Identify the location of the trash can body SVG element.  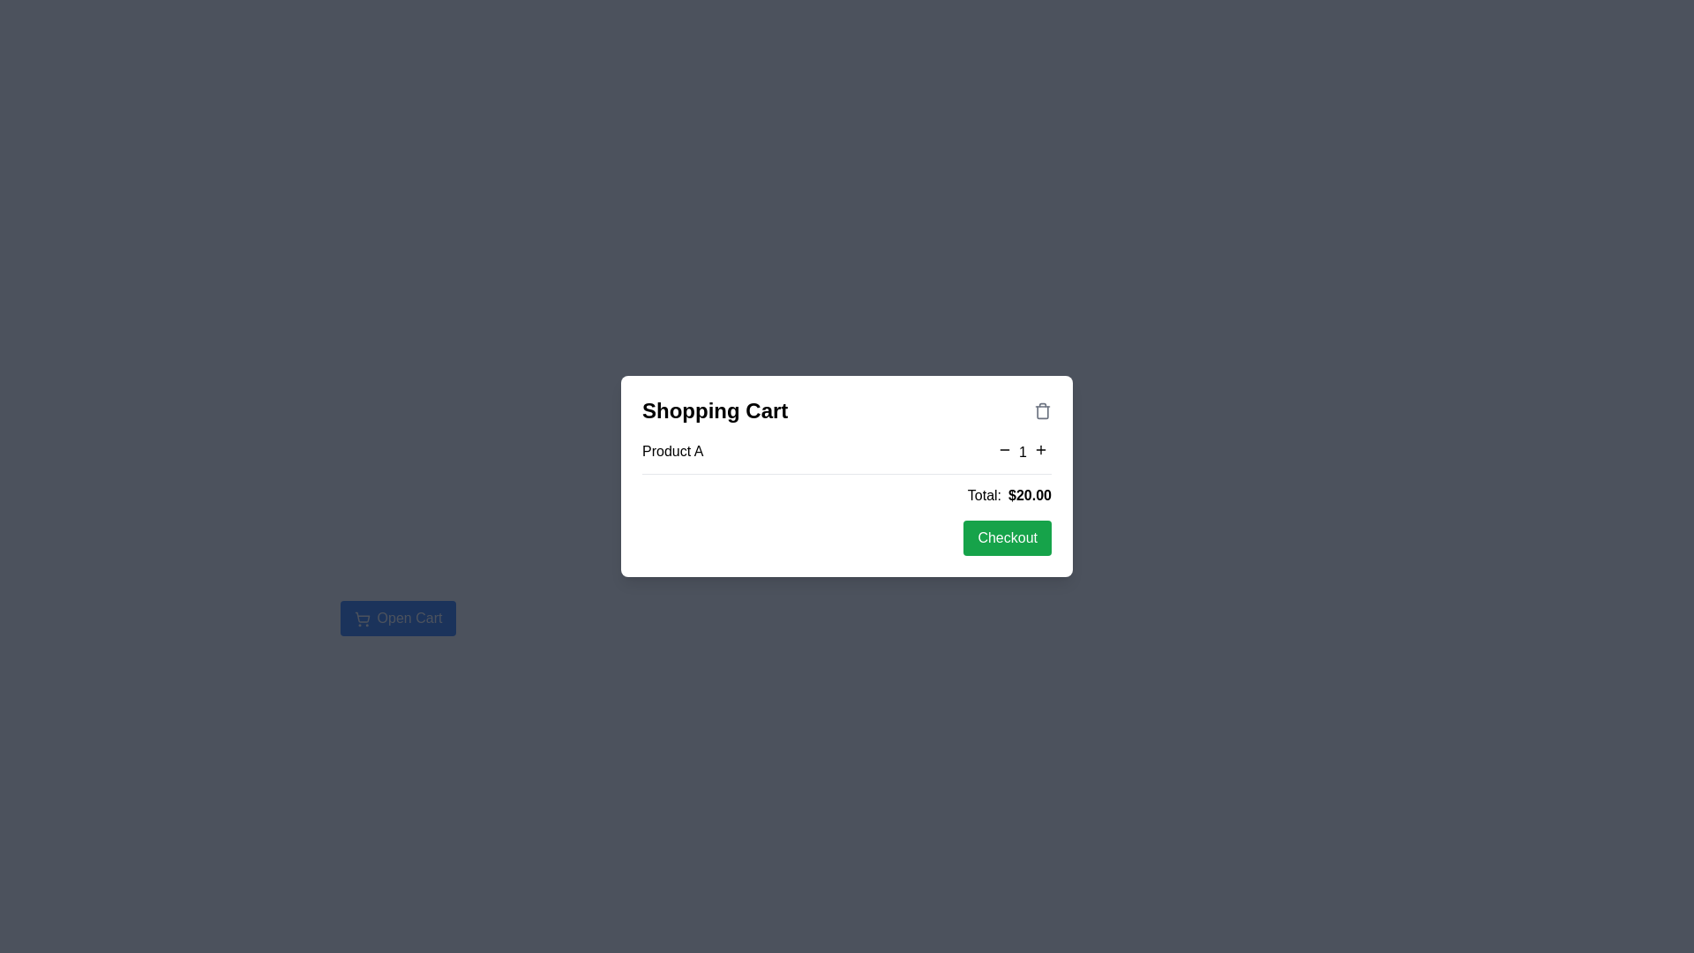
(1042, 411).